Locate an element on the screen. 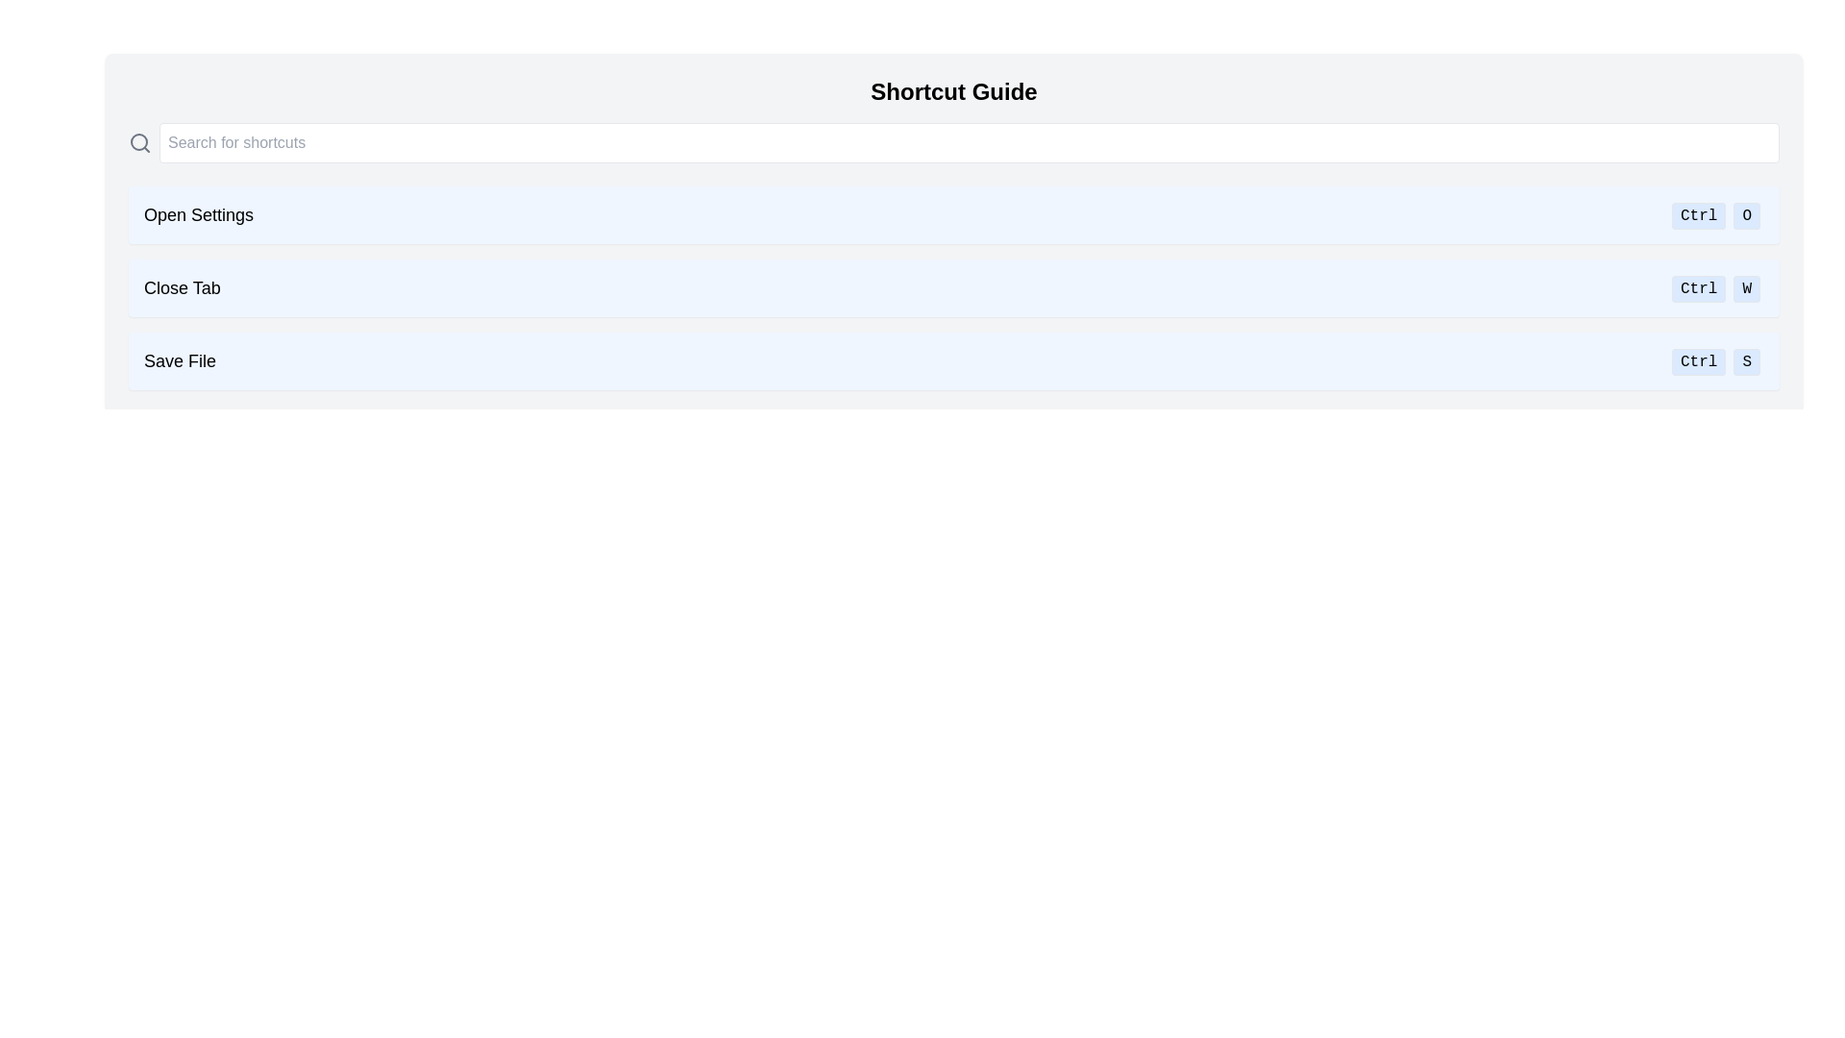  the Keyboard shortcut display for 'Ctrl + S', which is a compact rectangular UI component with a light blue background and dark border, located on the far-right end of the 'Save File' row is located at coordinates (1715, 360).